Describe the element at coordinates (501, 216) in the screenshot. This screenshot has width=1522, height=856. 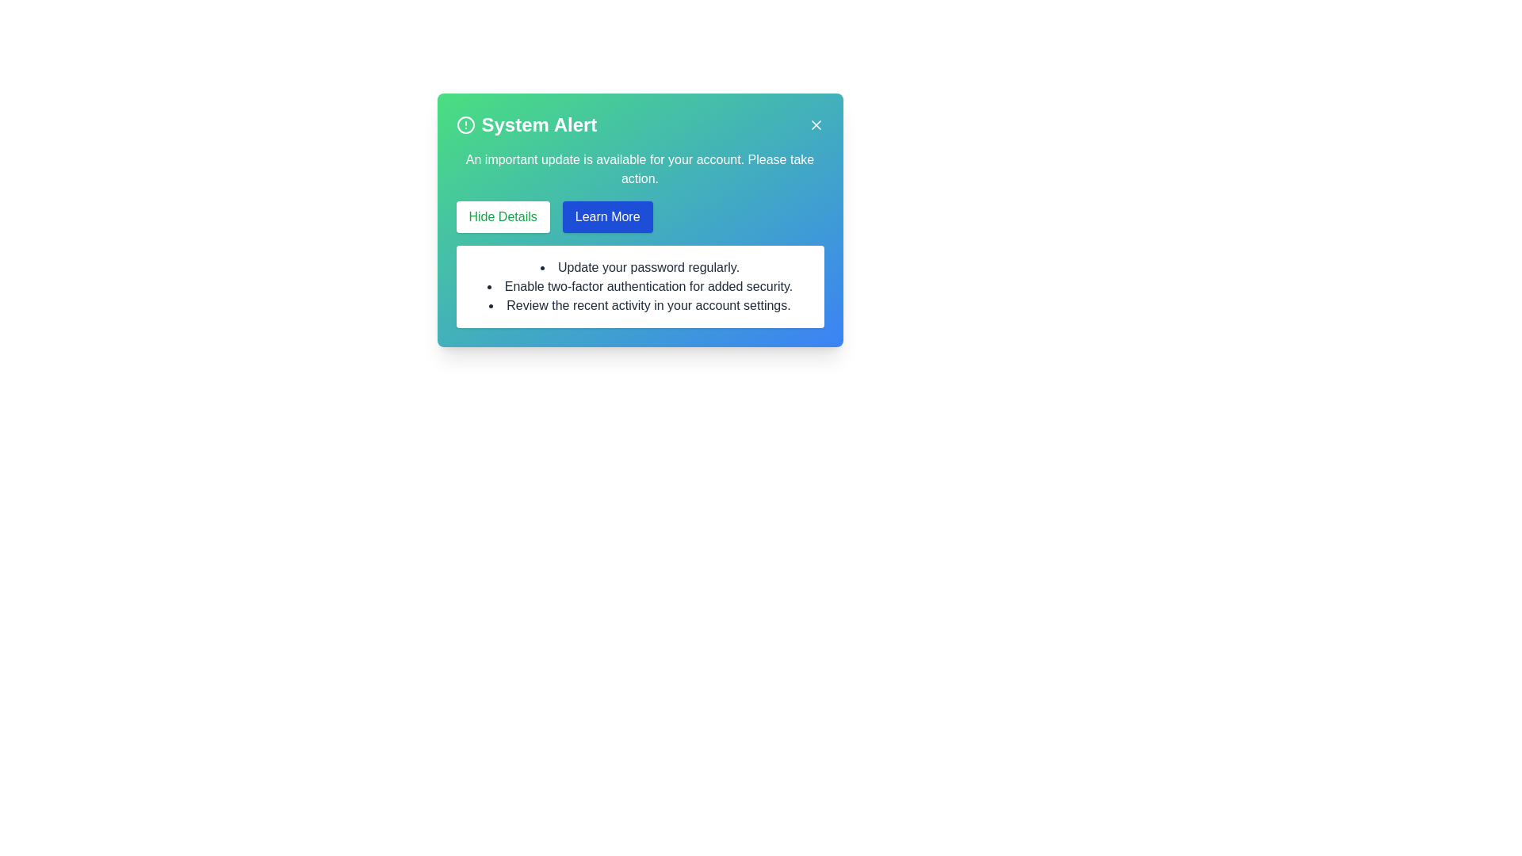
I see `the button with a white background and green text that displays 'Hide Details' to hide details` at that location.